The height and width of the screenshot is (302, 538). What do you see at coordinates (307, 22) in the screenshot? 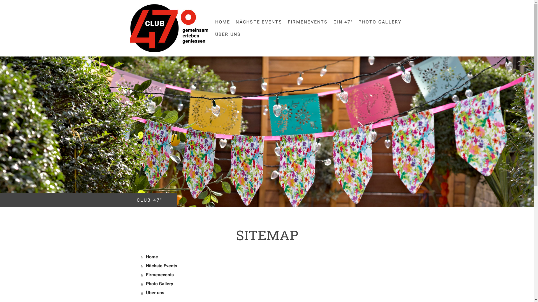
I see `'FIRMENEVENTS'` at bounding box center [307, 22].